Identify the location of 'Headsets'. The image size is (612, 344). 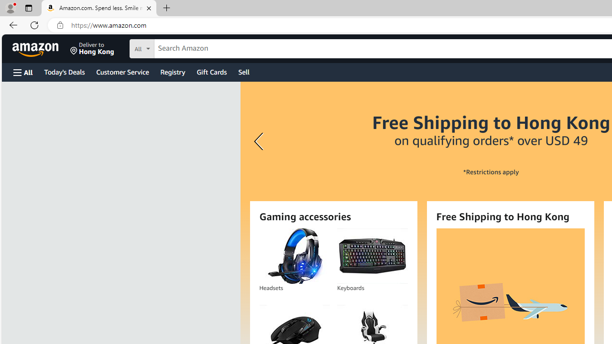
(294, 256).